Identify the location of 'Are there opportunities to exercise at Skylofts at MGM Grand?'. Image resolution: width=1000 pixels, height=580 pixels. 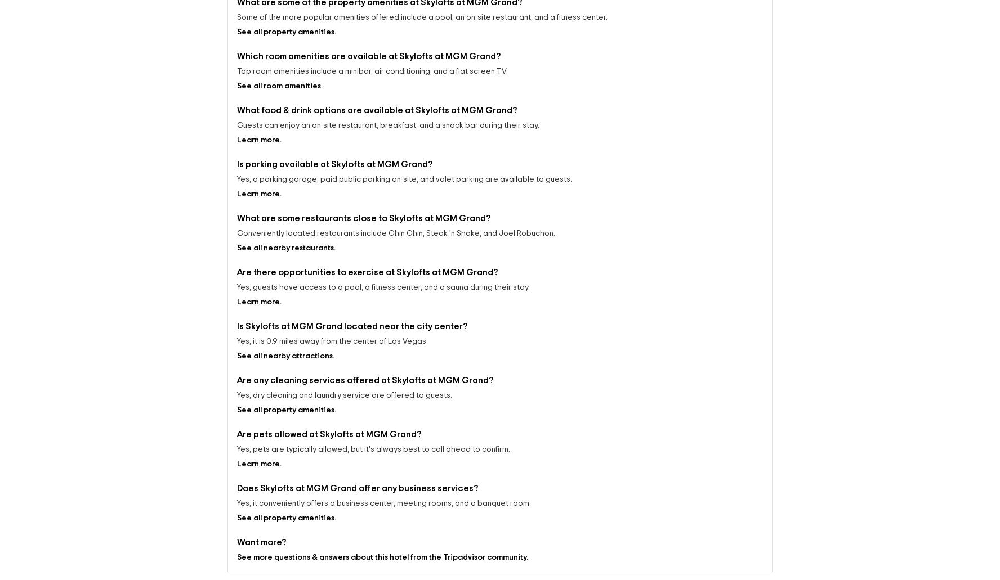
(236, 262).